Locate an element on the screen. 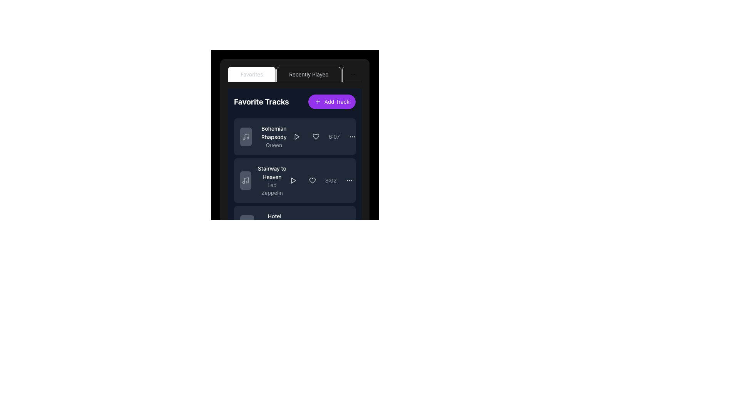 The height and width of the screenshot is (415, 739). the first tab in the horizontal tab bar is located at coordinates (252, 74).